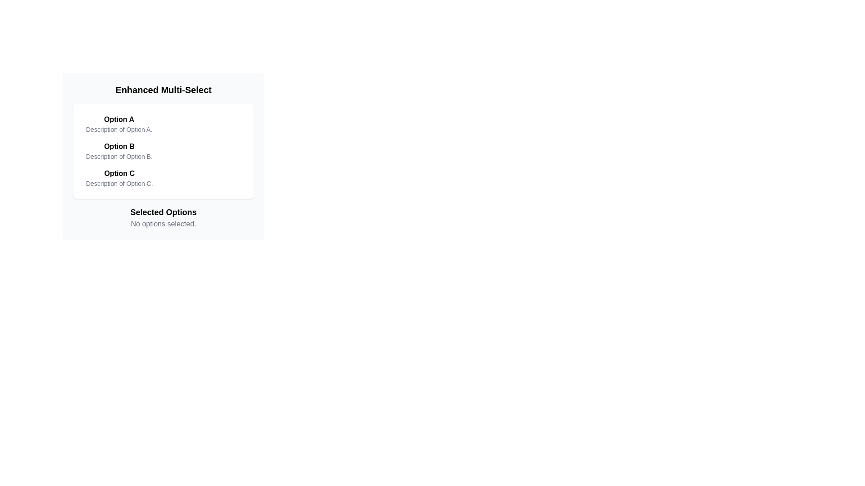  What do you see at coordinates (118, 119) in the screenshot?
I see `the main title Label located at the top of the list box under 'Enhanced Multi-Select', which serves as a concise identifier for the option presented` at bounding box center [118, 119].